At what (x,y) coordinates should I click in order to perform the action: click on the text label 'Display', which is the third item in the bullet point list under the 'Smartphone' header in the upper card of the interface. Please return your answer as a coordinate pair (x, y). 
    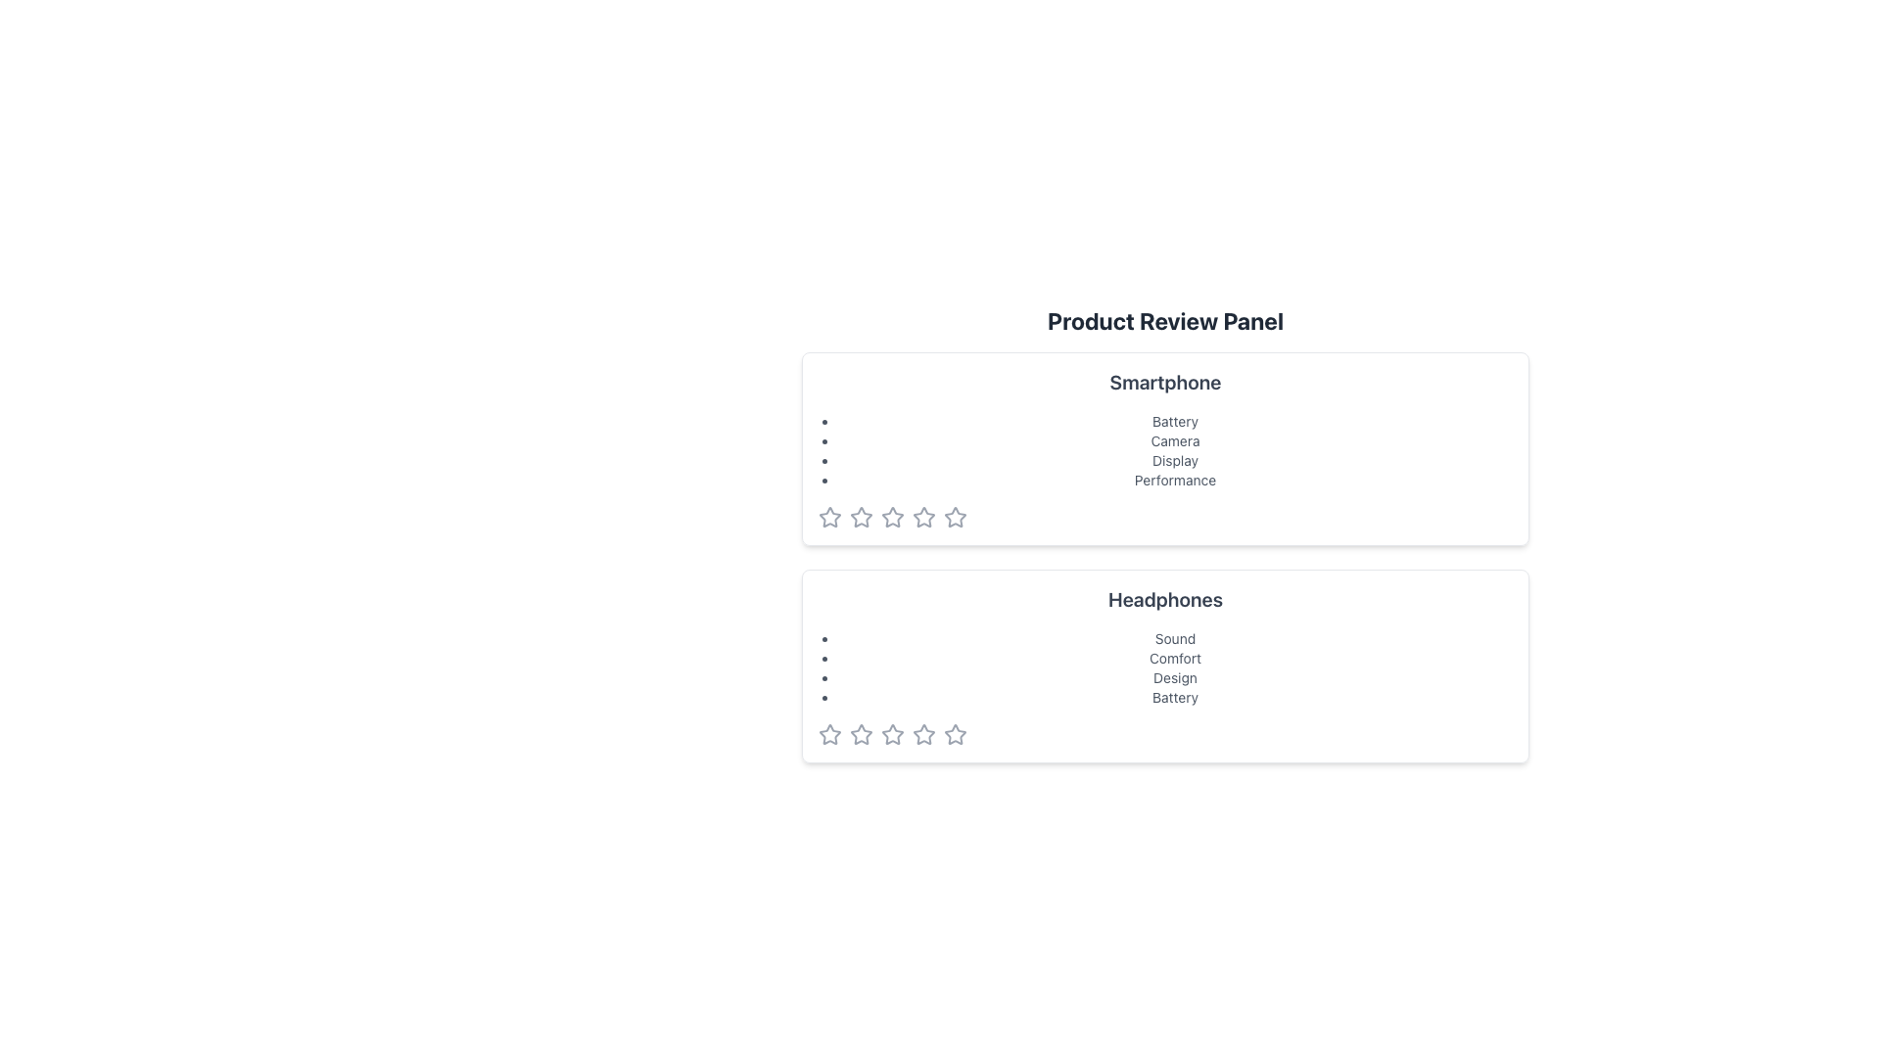
    Looking at the image, I should click on (1175, 460).